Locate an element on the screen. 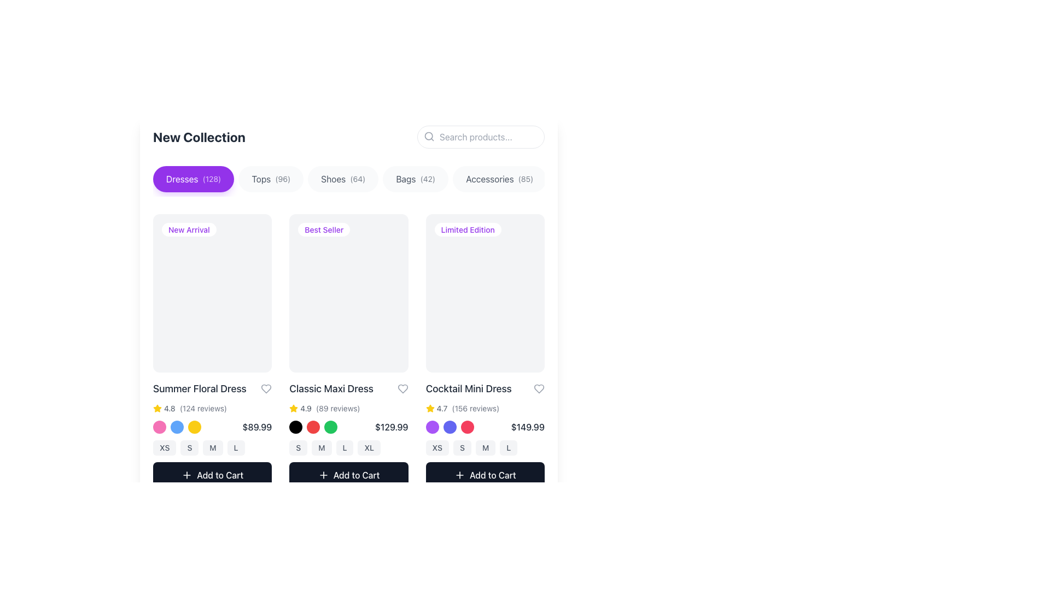 The width and height of the screenshot is (1050, 590). the size 'L' button located in the lower-right area of the product's section, which is the fourth button in a horizontal list of size selection options is located at coordinates (235, 447).